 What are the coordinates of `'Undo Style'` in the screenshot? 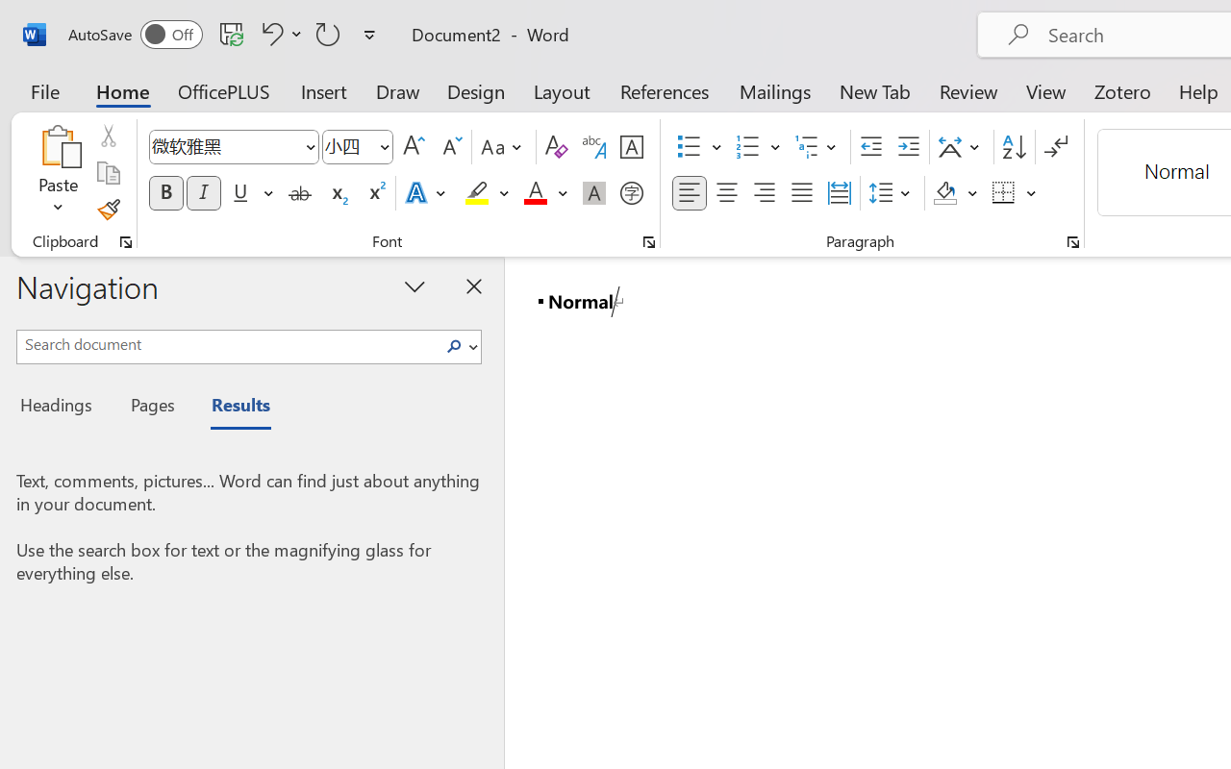 It's located at (278, 33).